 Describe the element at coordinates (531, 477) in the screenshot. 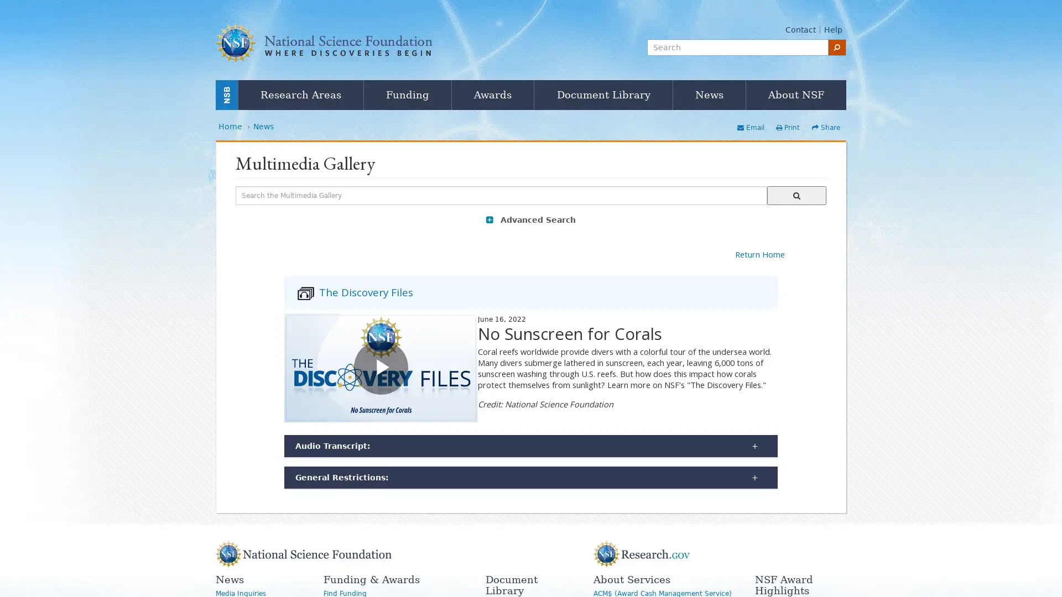

I see `General Restrictions: +` at that location.